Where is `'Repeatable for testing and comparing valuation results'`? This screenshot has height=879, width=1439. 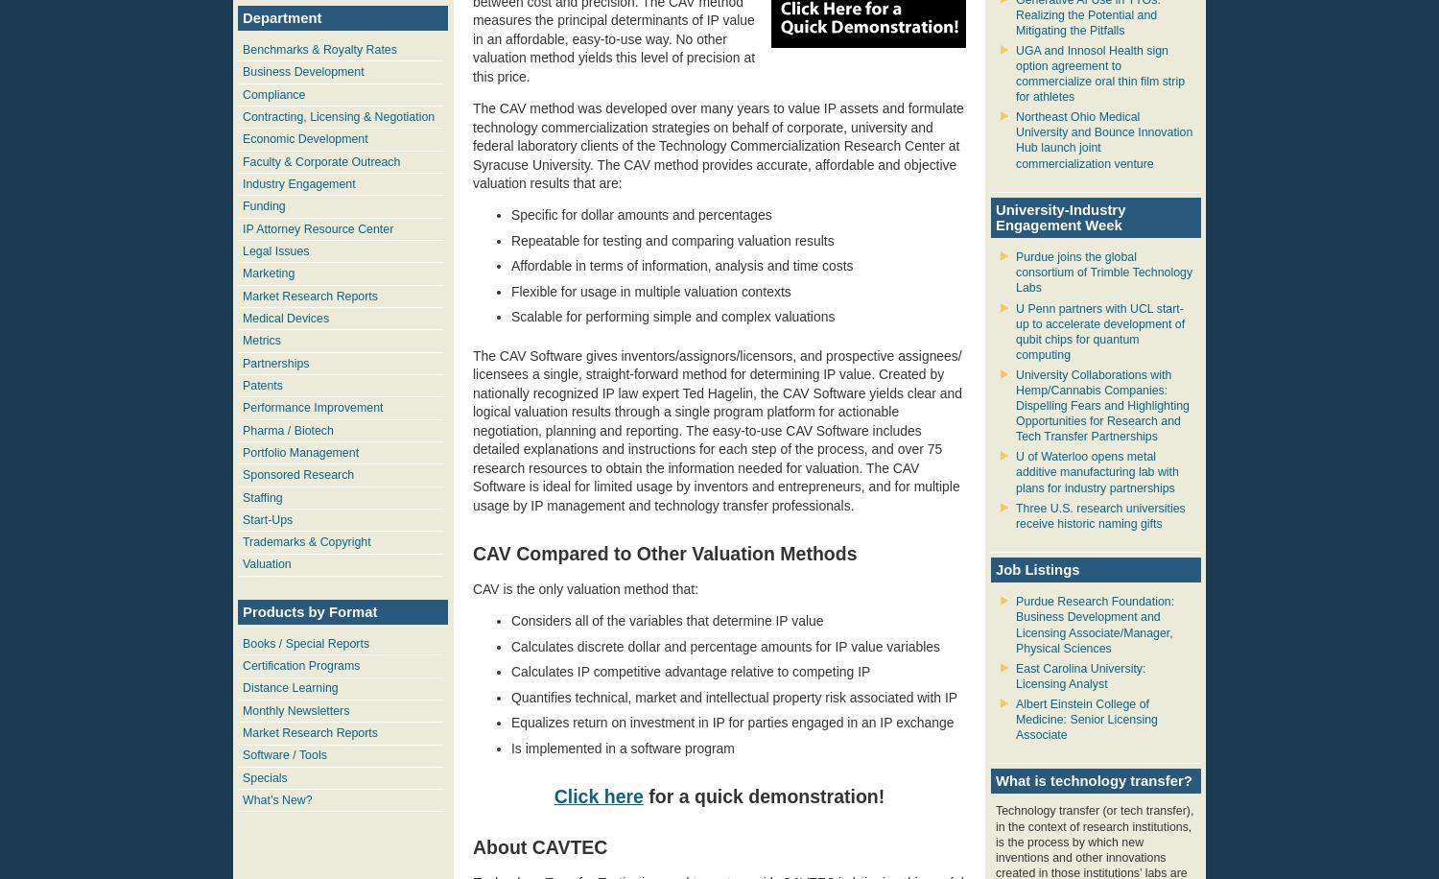
'Repeatable for testing and comparing valuation results' is located at coordinates (671, 239).